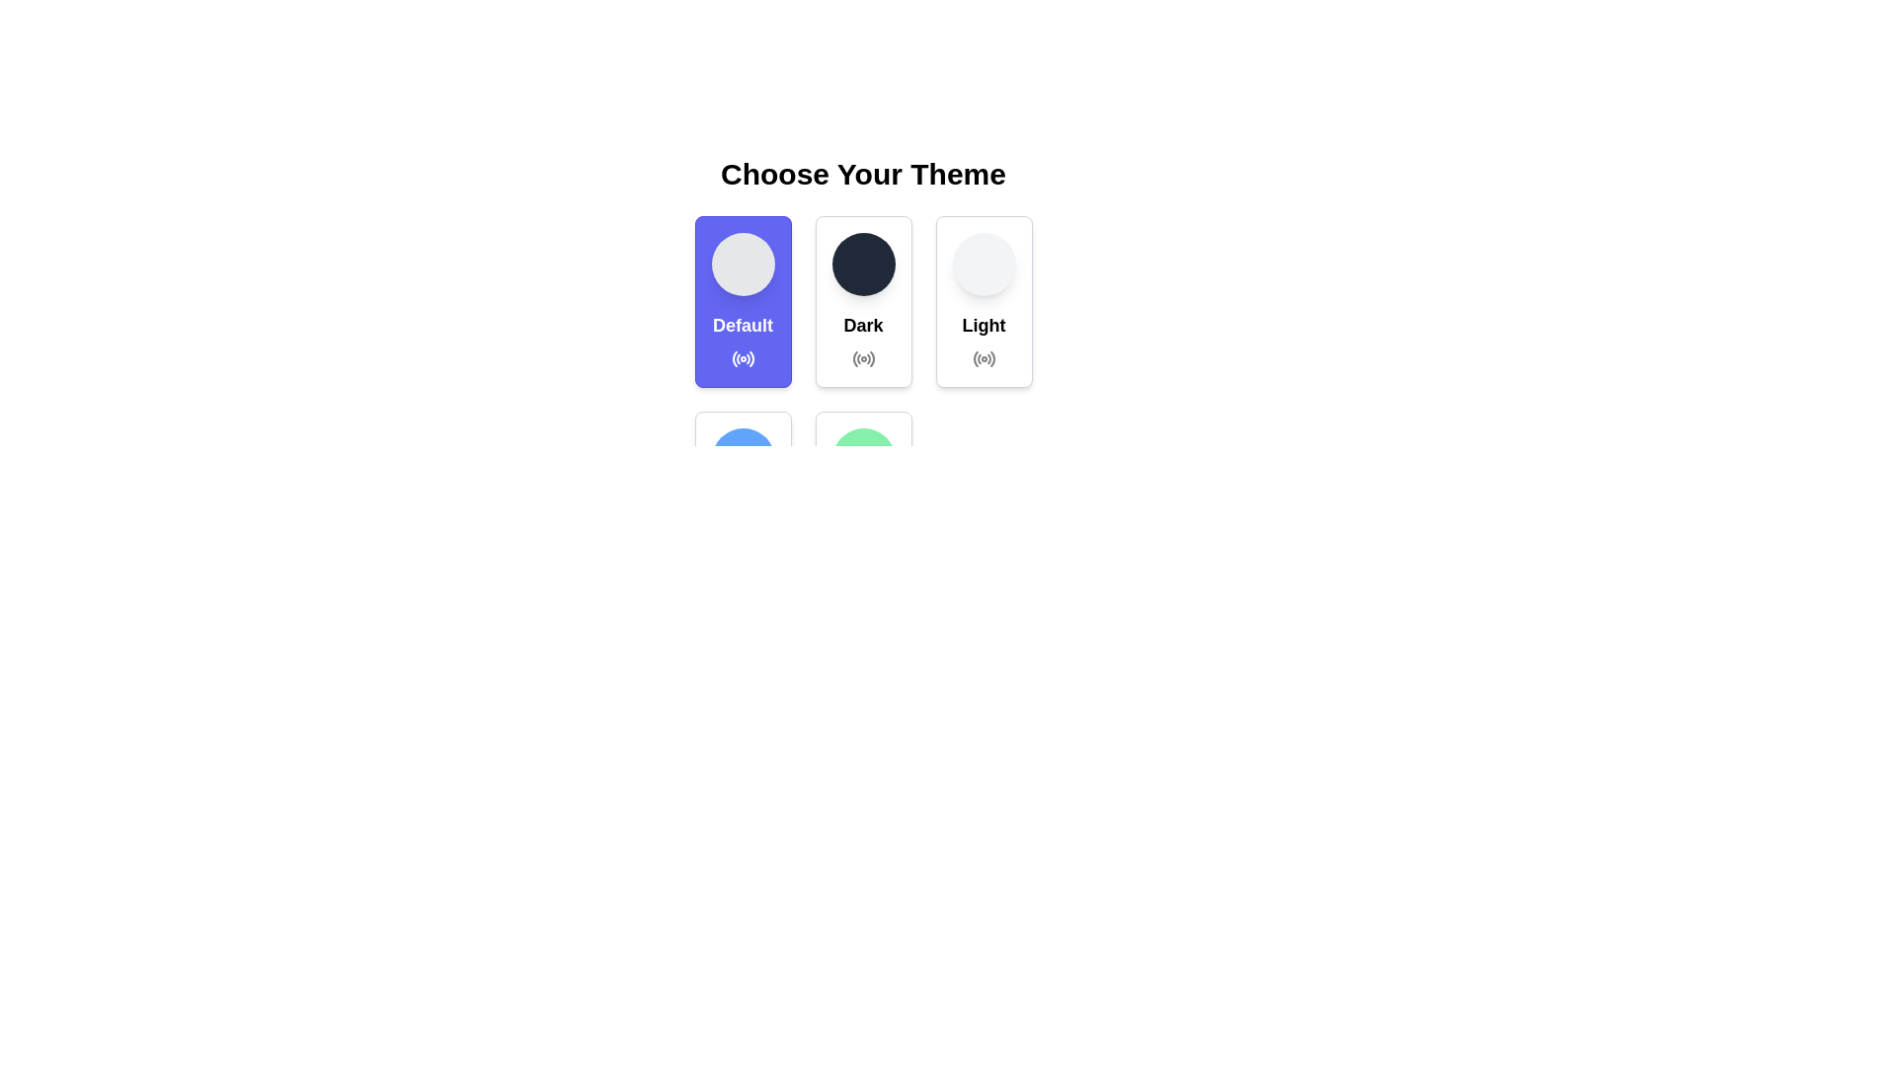 The height and width of the screenshot is (1066, 1896). Describe the element at coordinates (863, 301) in the screenshot. I see `the second selectable card in the theme options grid` at that location.